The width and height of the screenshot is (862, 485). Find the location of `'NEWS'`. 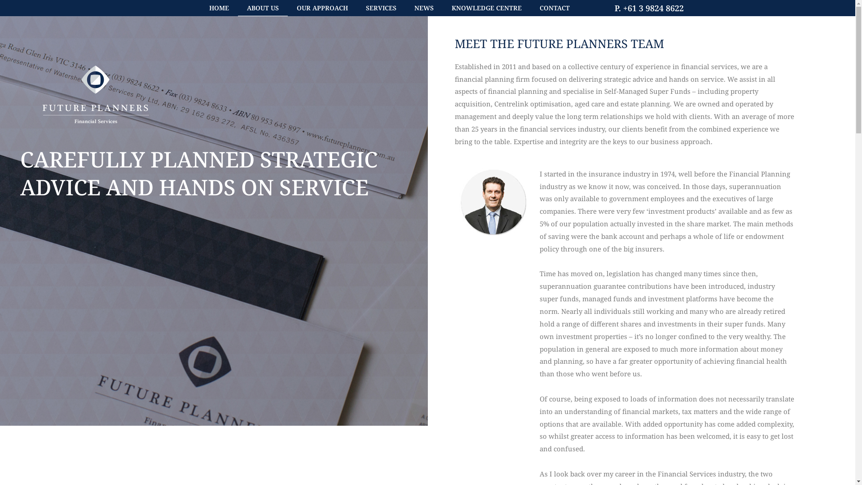

'NEWS' is located at coordinates (423, 8).